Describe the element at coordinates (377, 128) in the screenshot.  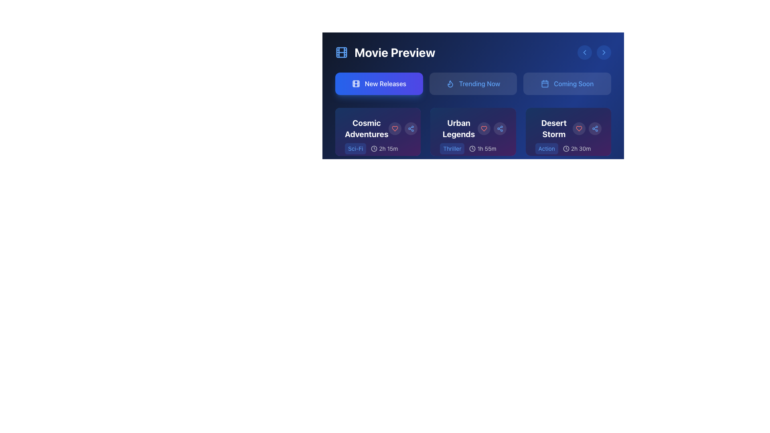
I see `text displayed in the movie title label located directly beneath the 'Movie Preview' header section` at that location.